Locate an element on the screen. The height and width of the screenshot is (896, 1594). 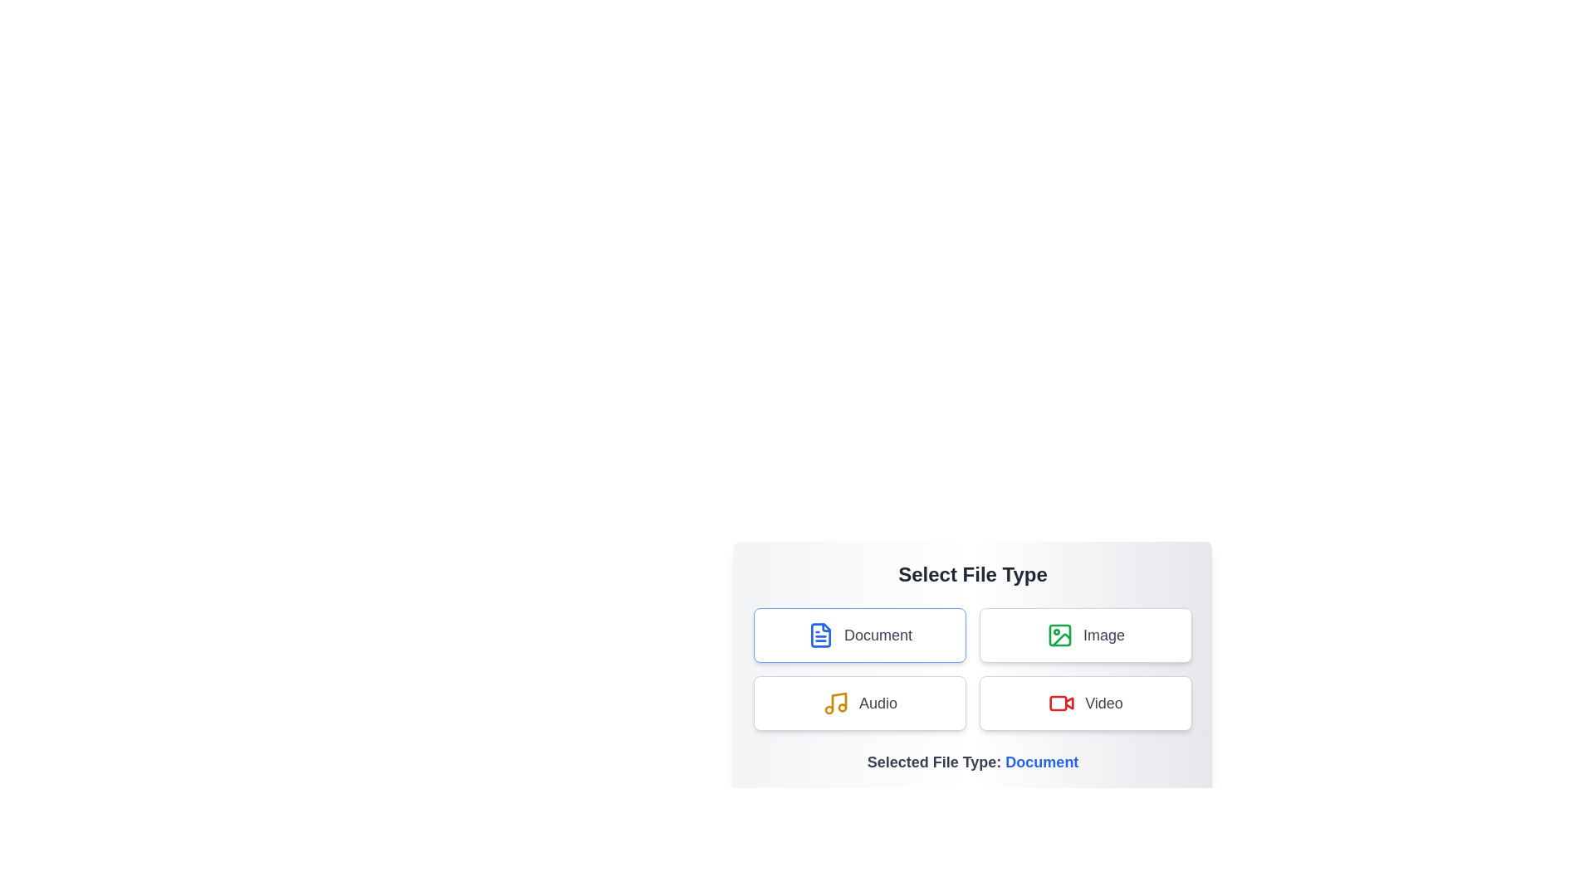
the 'Audio' file type button located in the bottom-left corner of the grid layout, which is the third button below 'Document' and 'Image', and to the left of 'Video' is located at coordinates (860, 704).